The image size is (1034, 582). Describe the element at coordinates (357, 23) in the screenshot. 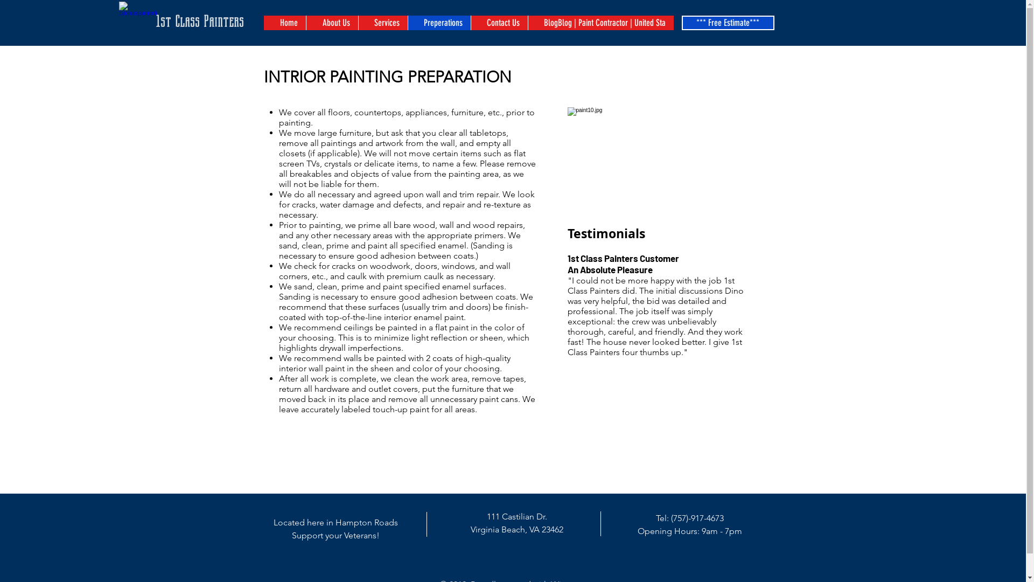

I see `'Services'` at that location.